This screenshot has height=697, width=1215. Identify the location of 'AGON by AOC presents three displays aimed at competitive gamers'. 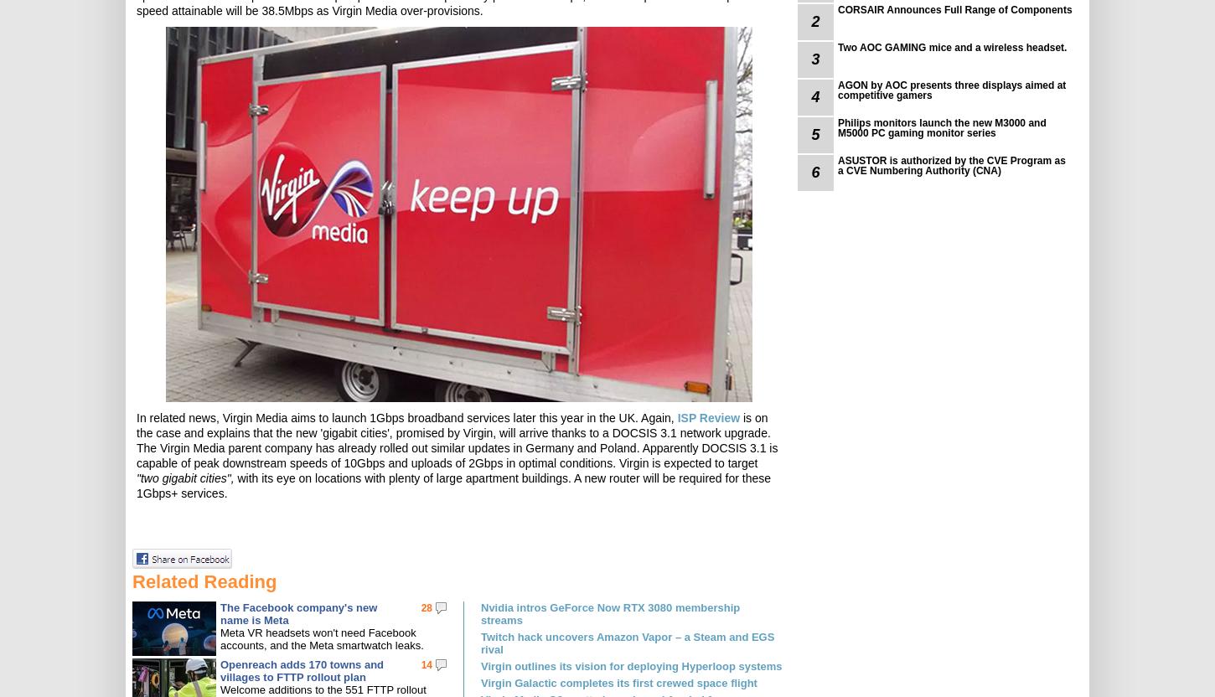
(838, 90).